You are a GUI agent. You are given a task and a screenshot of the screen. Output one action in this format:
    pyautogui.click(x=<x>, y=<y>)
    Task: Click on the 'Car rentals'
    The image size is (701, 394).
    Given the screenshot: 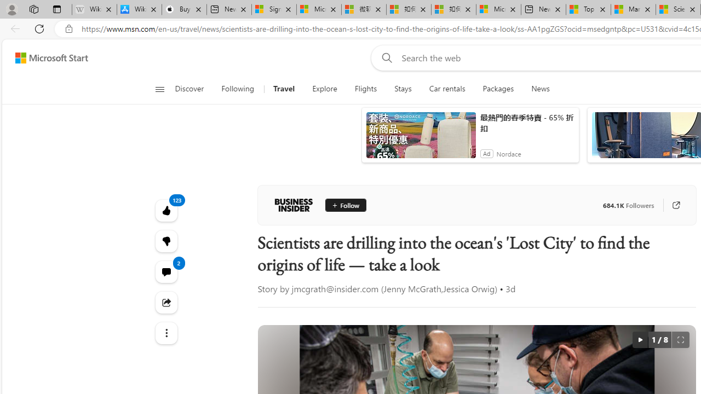 What is the action you would take?
    pyautogui.click(x=447, y=89)
    